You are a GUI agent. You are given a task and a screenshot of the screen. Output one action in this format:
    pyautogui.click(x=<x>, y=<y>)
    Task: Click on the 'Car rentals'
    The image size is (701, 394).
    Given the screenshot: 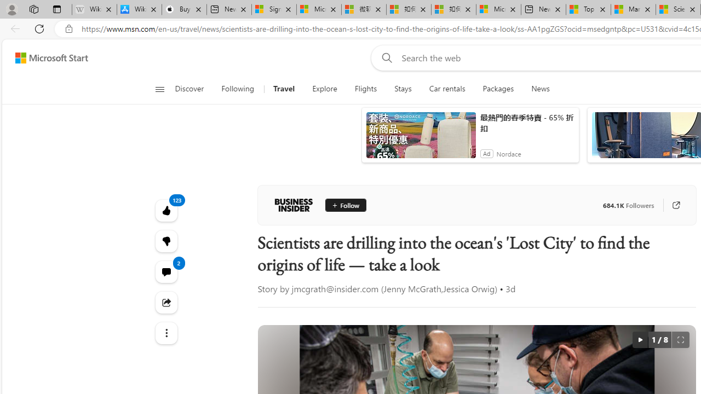 What is the action you would take?
    pyautogui.click(x=447, y=89)
    